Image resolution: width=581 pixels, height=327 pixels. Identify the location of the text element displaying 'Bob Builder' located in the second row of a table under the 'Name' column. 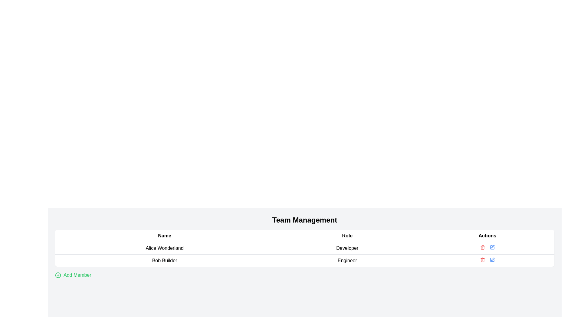
(164, 260).